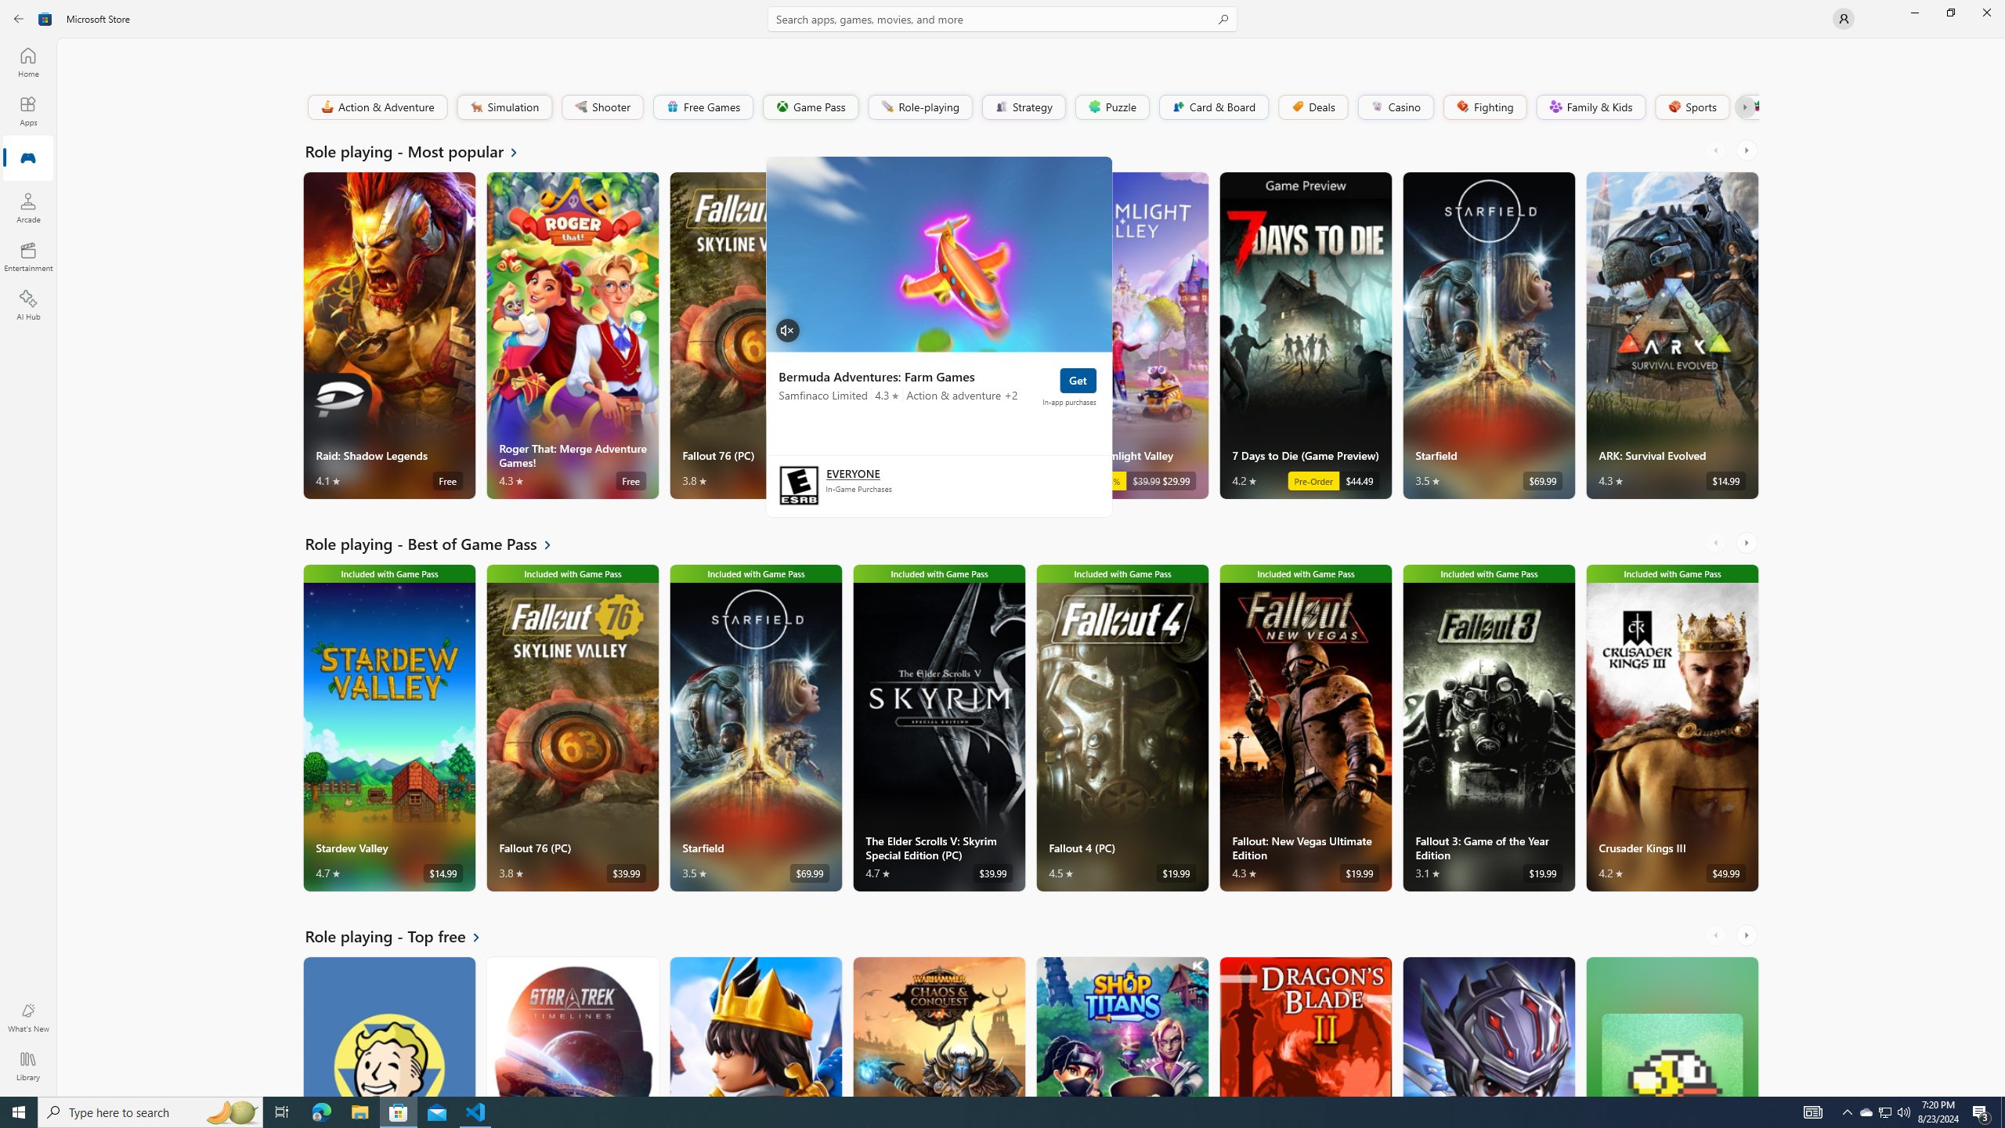  Describe the element at coordinates (810, 106) in the screenshot. I see `'Game Pass'` at that location.